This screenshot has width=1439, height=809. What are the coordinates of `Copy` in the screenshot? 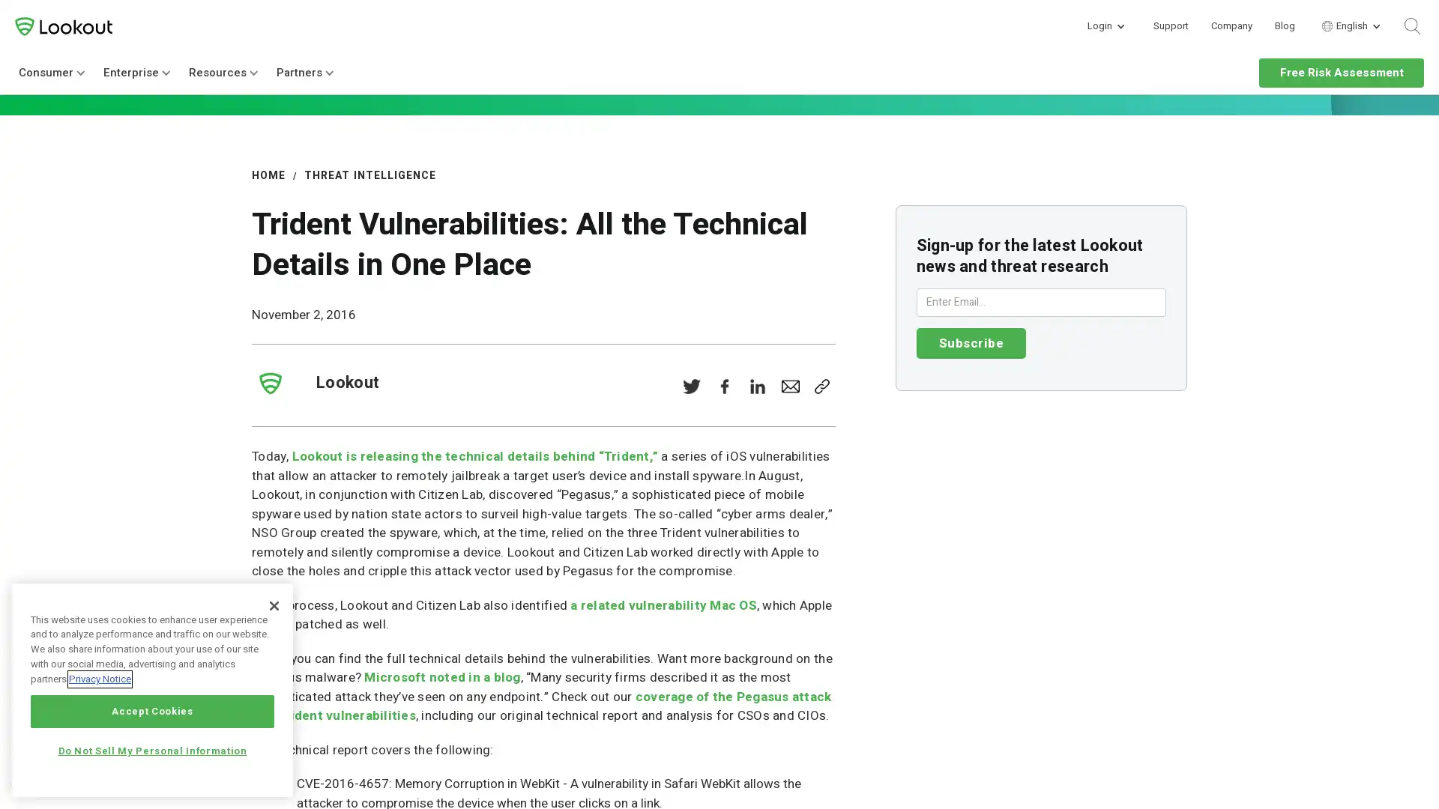 It's located at (820, 385).